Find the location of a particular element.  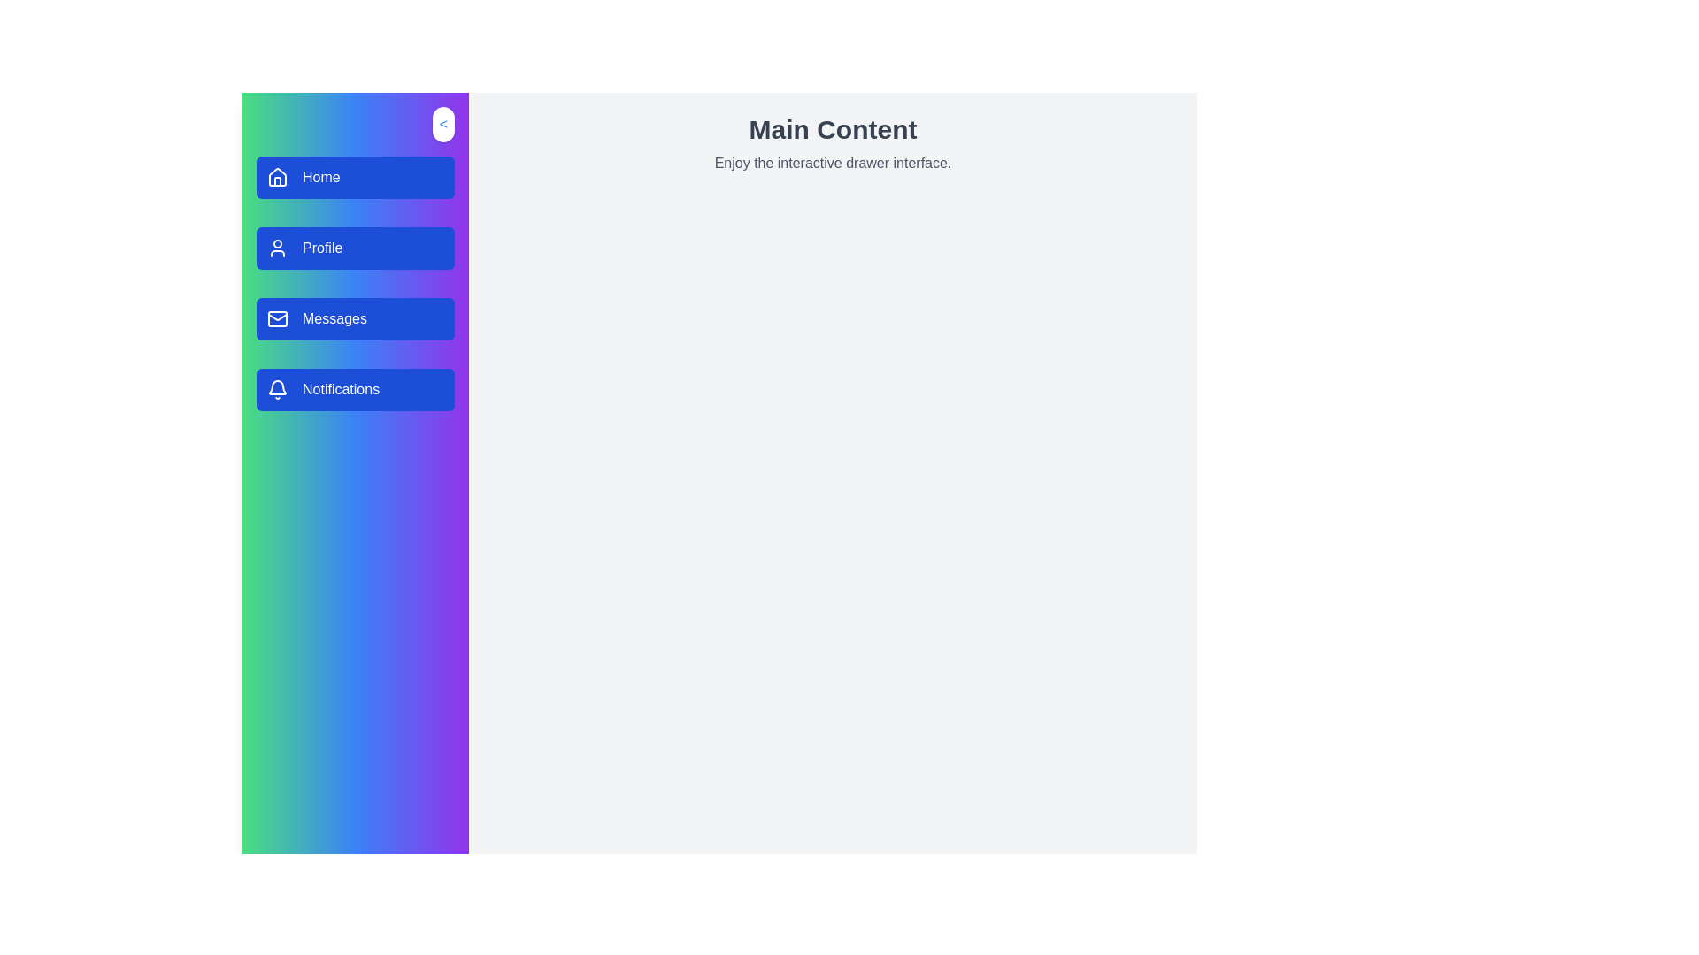

the '<' button located at the top-right corner of the sidebar for additional feedback is located at coordinates (443, 124).